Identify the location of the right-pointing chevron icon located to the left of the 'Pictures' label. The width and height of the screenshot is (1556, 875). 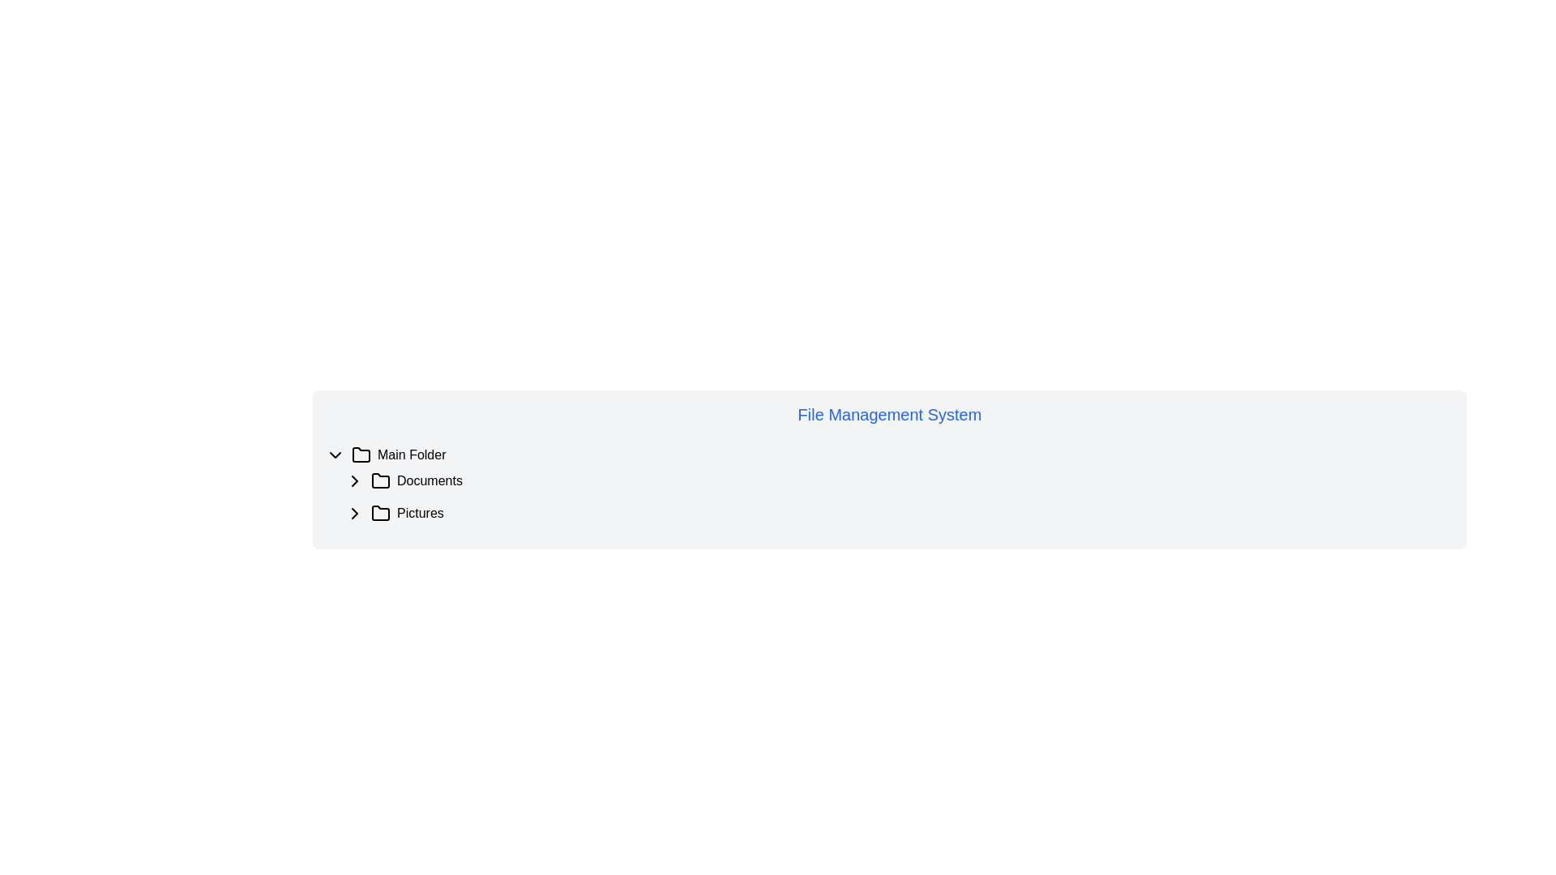
(353, 513).